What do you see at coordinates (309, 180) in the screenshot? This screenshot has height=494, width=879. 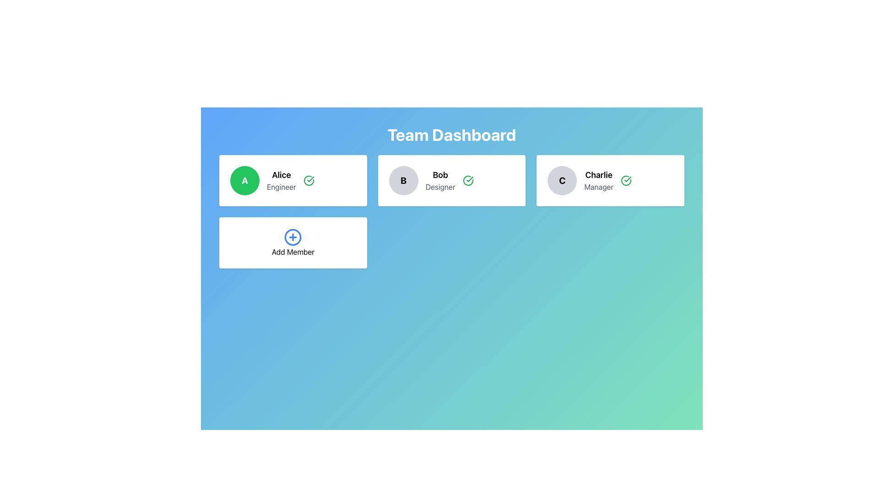 I see `approved status icon located to the right of the text 'Alice Engineer' within the 'Alice' card, which indicates a positive acknowledgment` at bounding box center [309, 180].